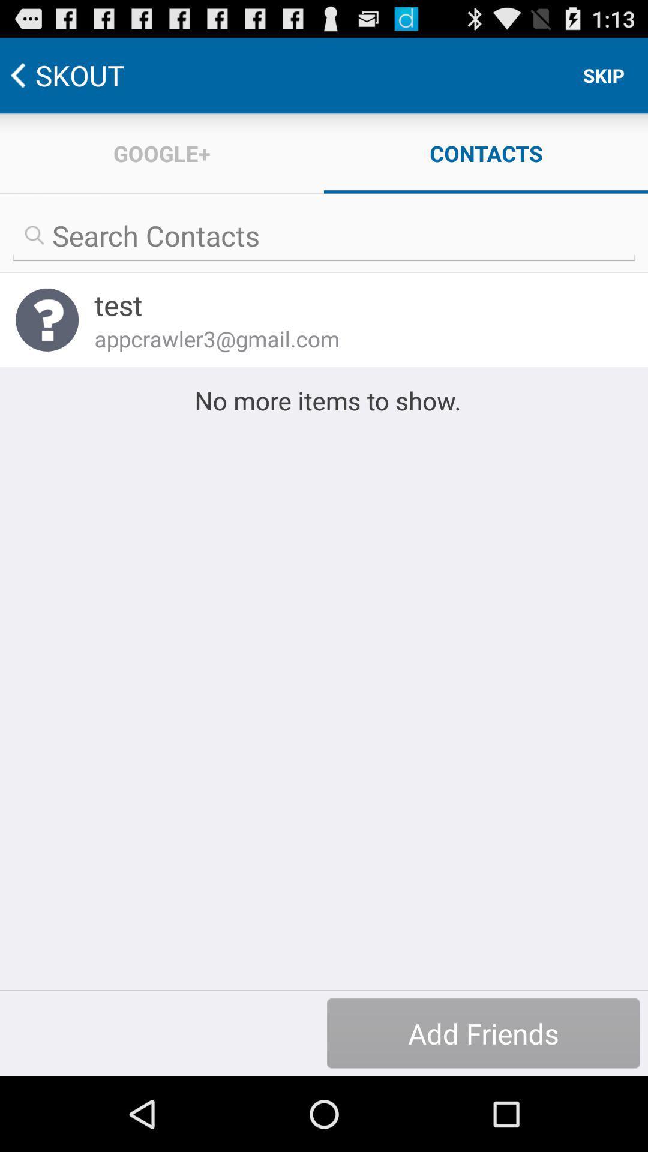  Describe the element at coordinates (355, 305) in the screenshot. I see `the test icon` at that location.